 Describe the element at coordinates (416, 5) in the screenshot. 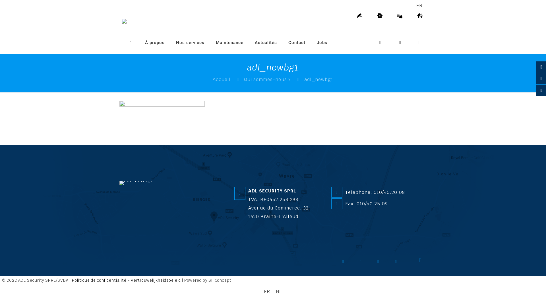

I see `'FR'` at that location.